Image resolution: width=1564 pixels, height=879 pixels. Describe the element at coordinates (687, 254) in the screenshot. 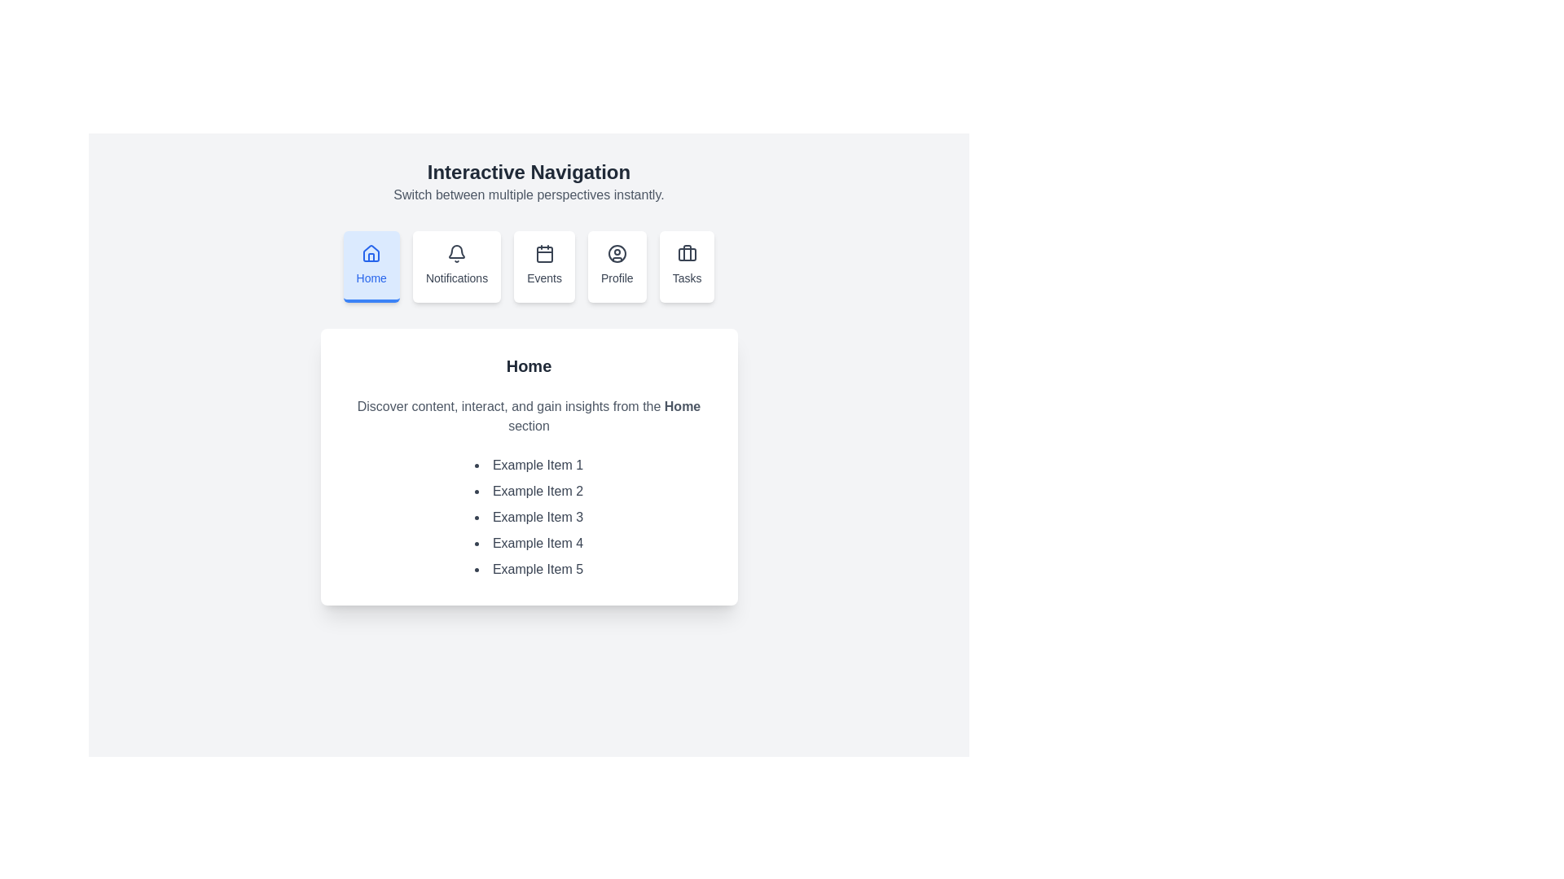

I see `the smaller rectangle within the 'Tasks' tab icon, which represents the 'Tasks' section of the interface` at that location.